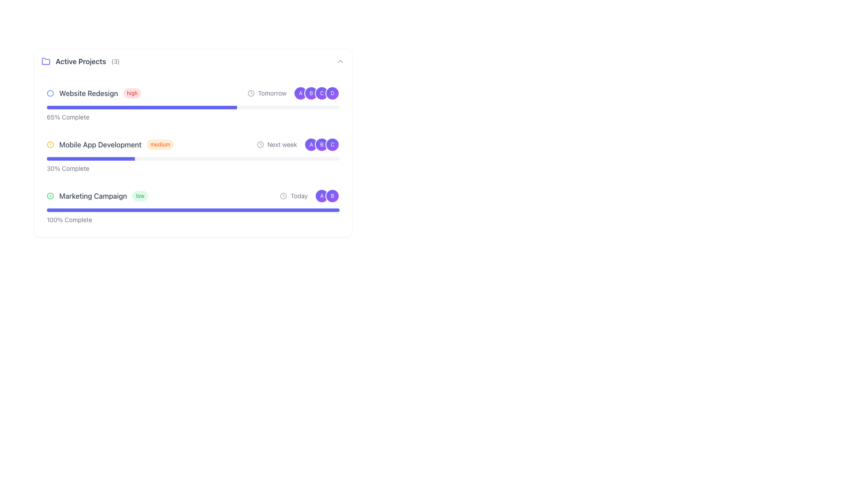 This screenshot has height=478, width=849. Describe the element at coordinates (68, 169) in the screenshot. I see `text from the Progress label that displays '30% Complete', which is styled in gray and located beneath the 'Mobile App Development' label` at that location.